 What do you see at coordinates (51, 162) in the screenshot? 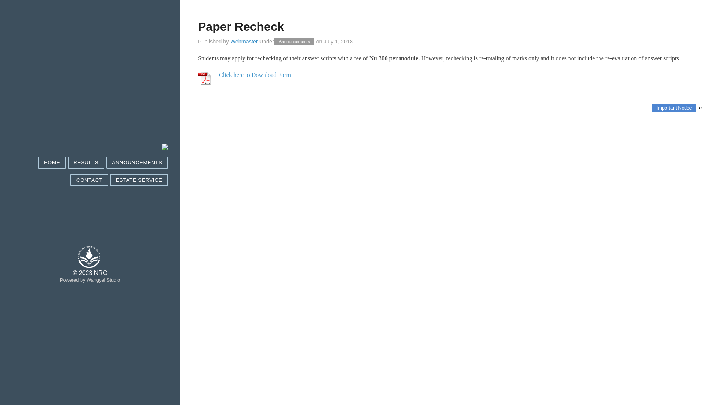
I see `'HOME'` at bounding box center [51, 162].